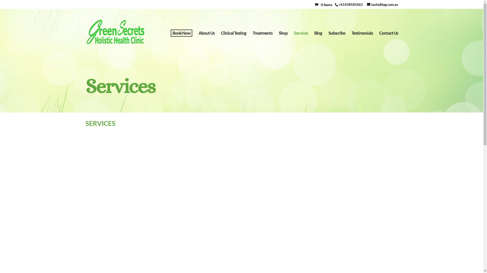 The height and width of the screenshot is (273, 487). I want to click on 'About Us', so click(198, 43).